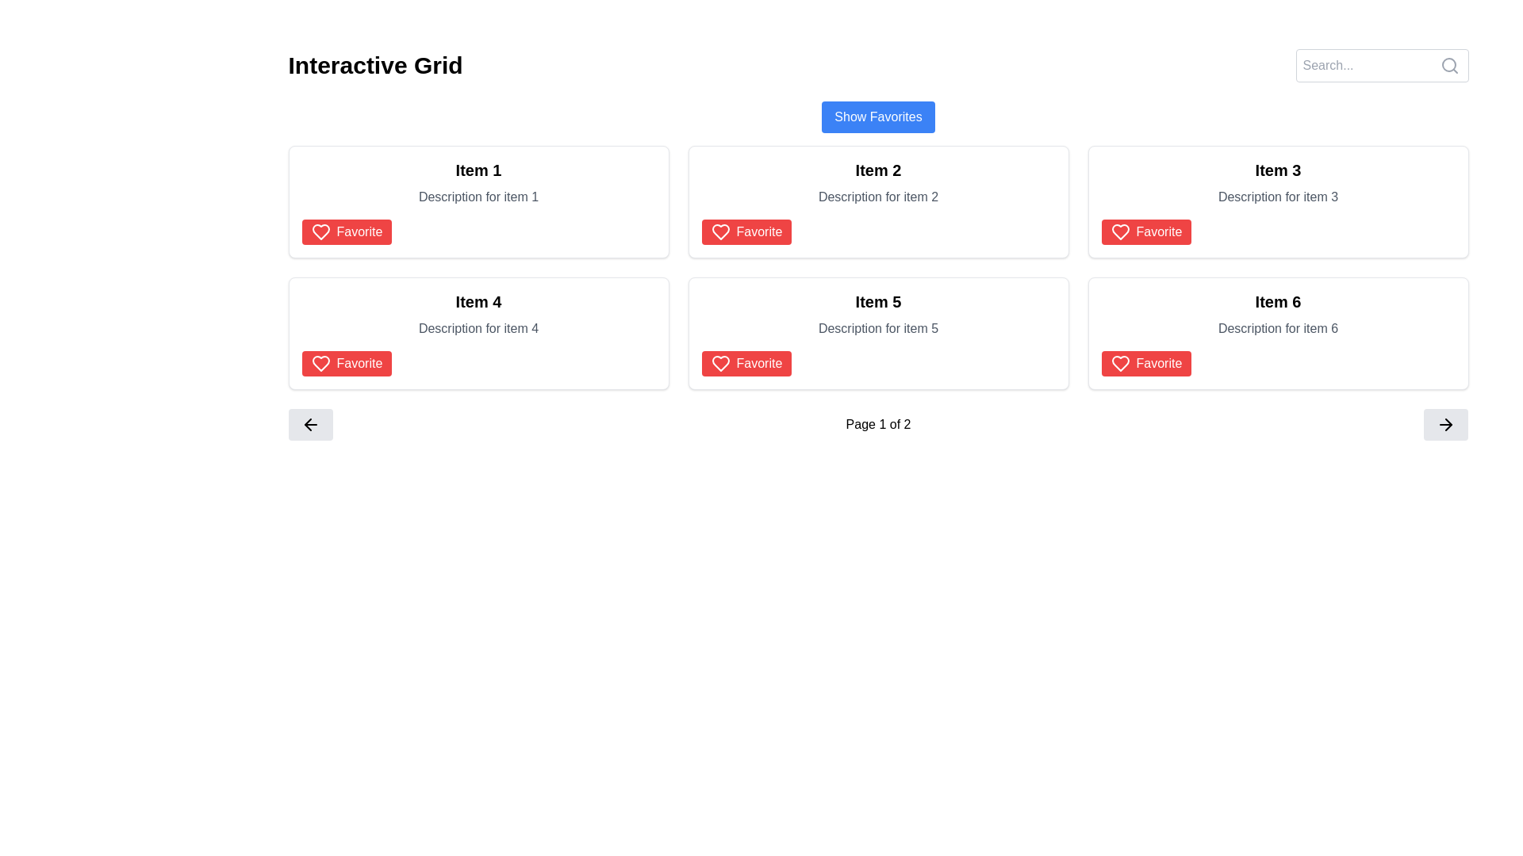 This screenshot has height=856, width=1523. I want to click on the heart icon within the 'Favorite' button located on the card labeled 'Item 5' to favorite the item, so click(719, 364).